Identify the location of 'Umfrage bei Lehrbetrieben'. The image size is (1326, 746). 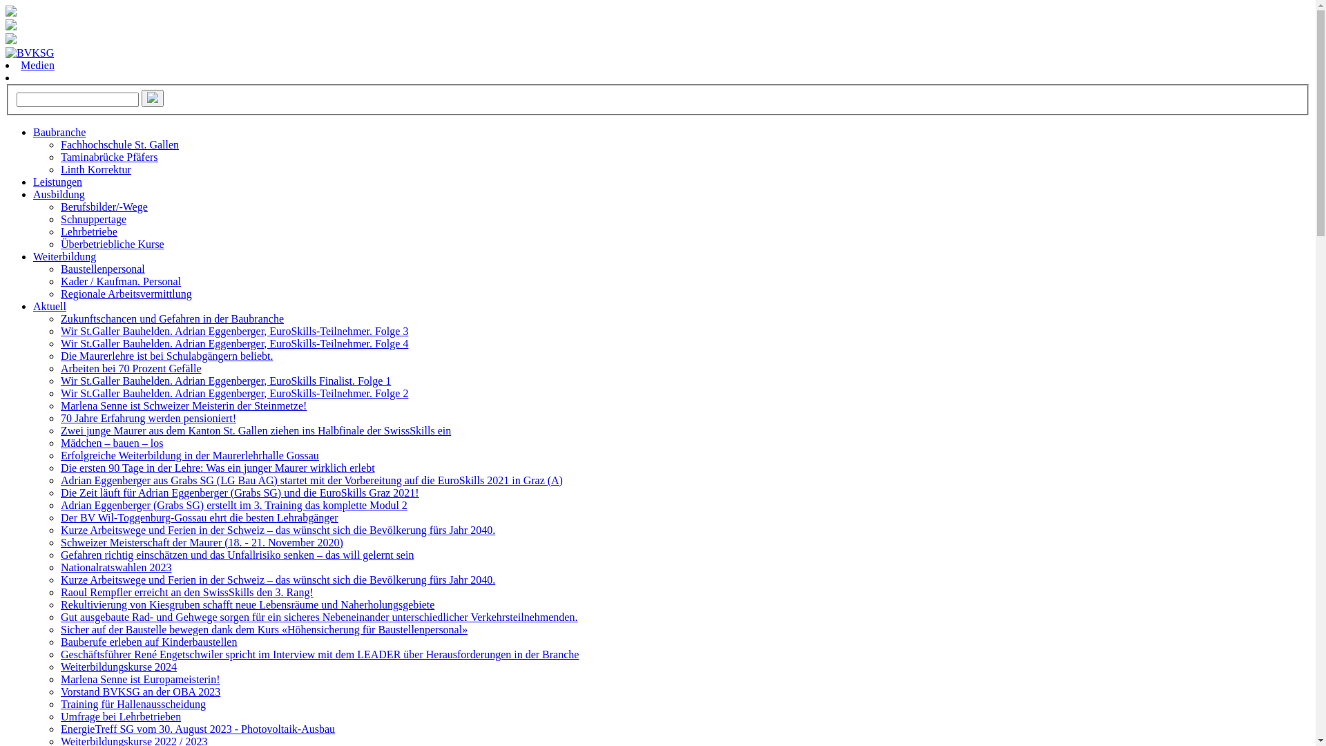
(120, 716).